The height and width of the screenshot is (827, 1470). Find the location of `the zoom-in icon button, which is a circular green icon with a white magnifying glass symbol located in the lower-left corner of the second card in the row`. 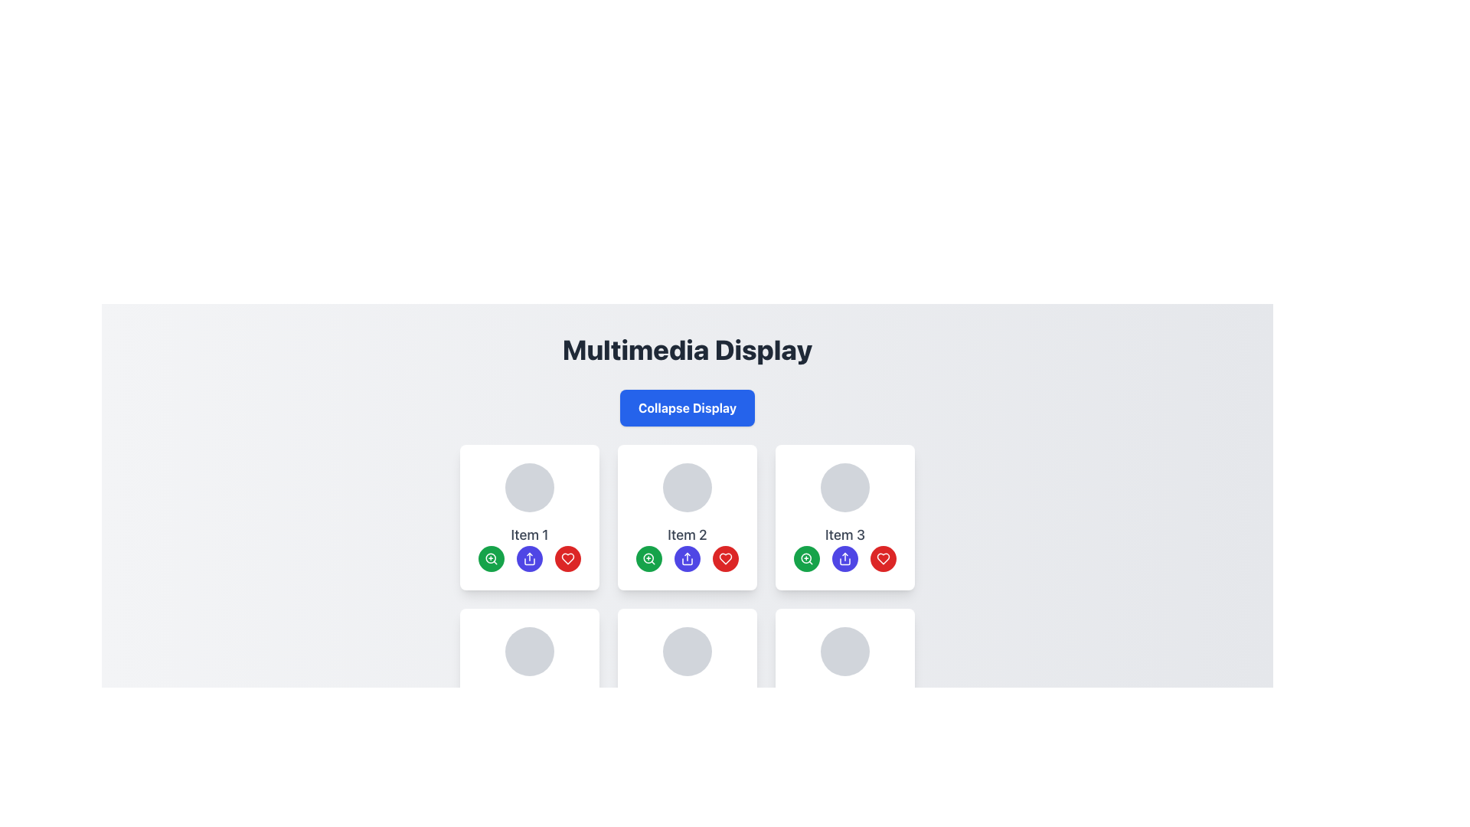

the zoom-in icon button, which is a circular green icon with a white magnifying glass symbol located in the lower-left corner of the second card in the row is located at coordinates (648, 558).